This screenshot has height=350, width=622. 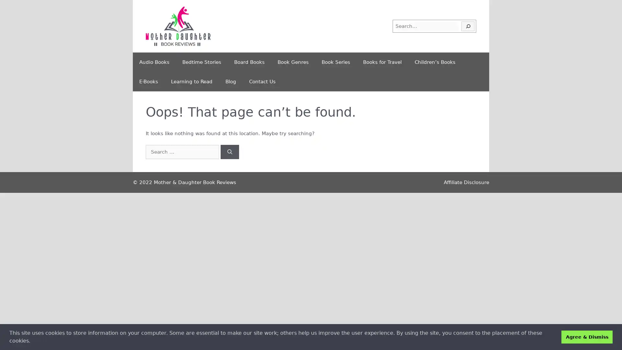 What do you see at coordinates (468, 26) in the screenshot?
I see `Search` at bounding box center [468, 26].